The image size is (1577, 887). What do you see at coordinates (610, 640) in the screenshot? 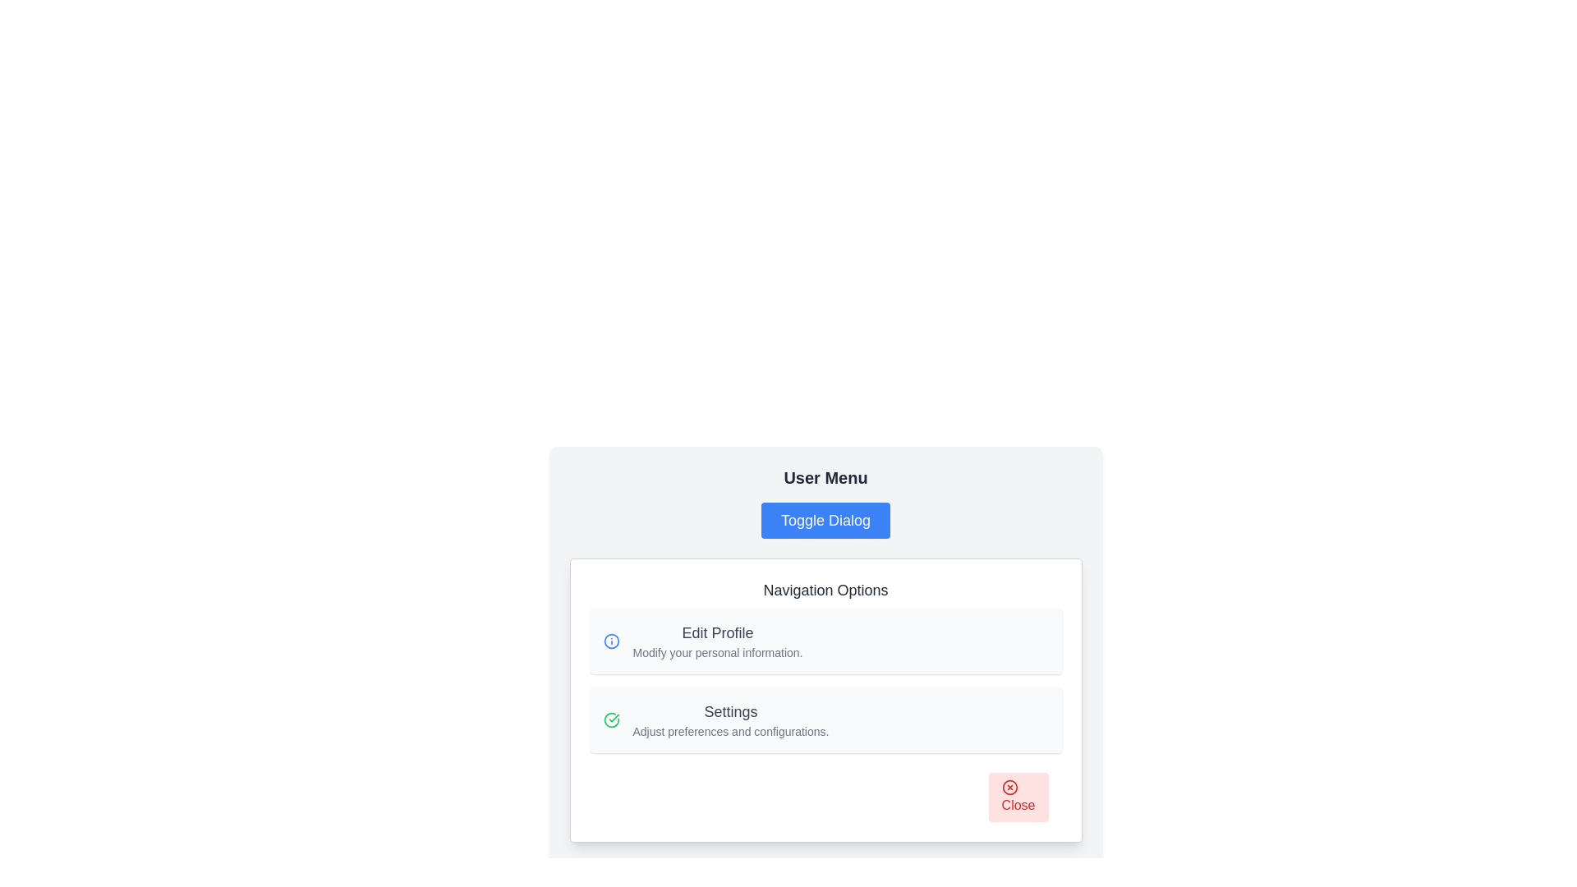
I see `the icon located to the left of the 'Edit Profile' text within the navigation panel for further information` at bounding box center [610, 640].